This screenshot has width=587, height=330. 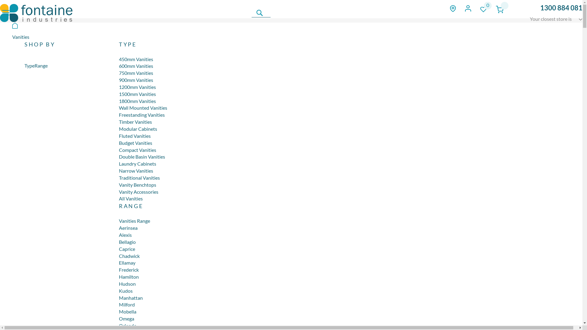 I want to click on 'Chadwick', so click(x=129, y=256).